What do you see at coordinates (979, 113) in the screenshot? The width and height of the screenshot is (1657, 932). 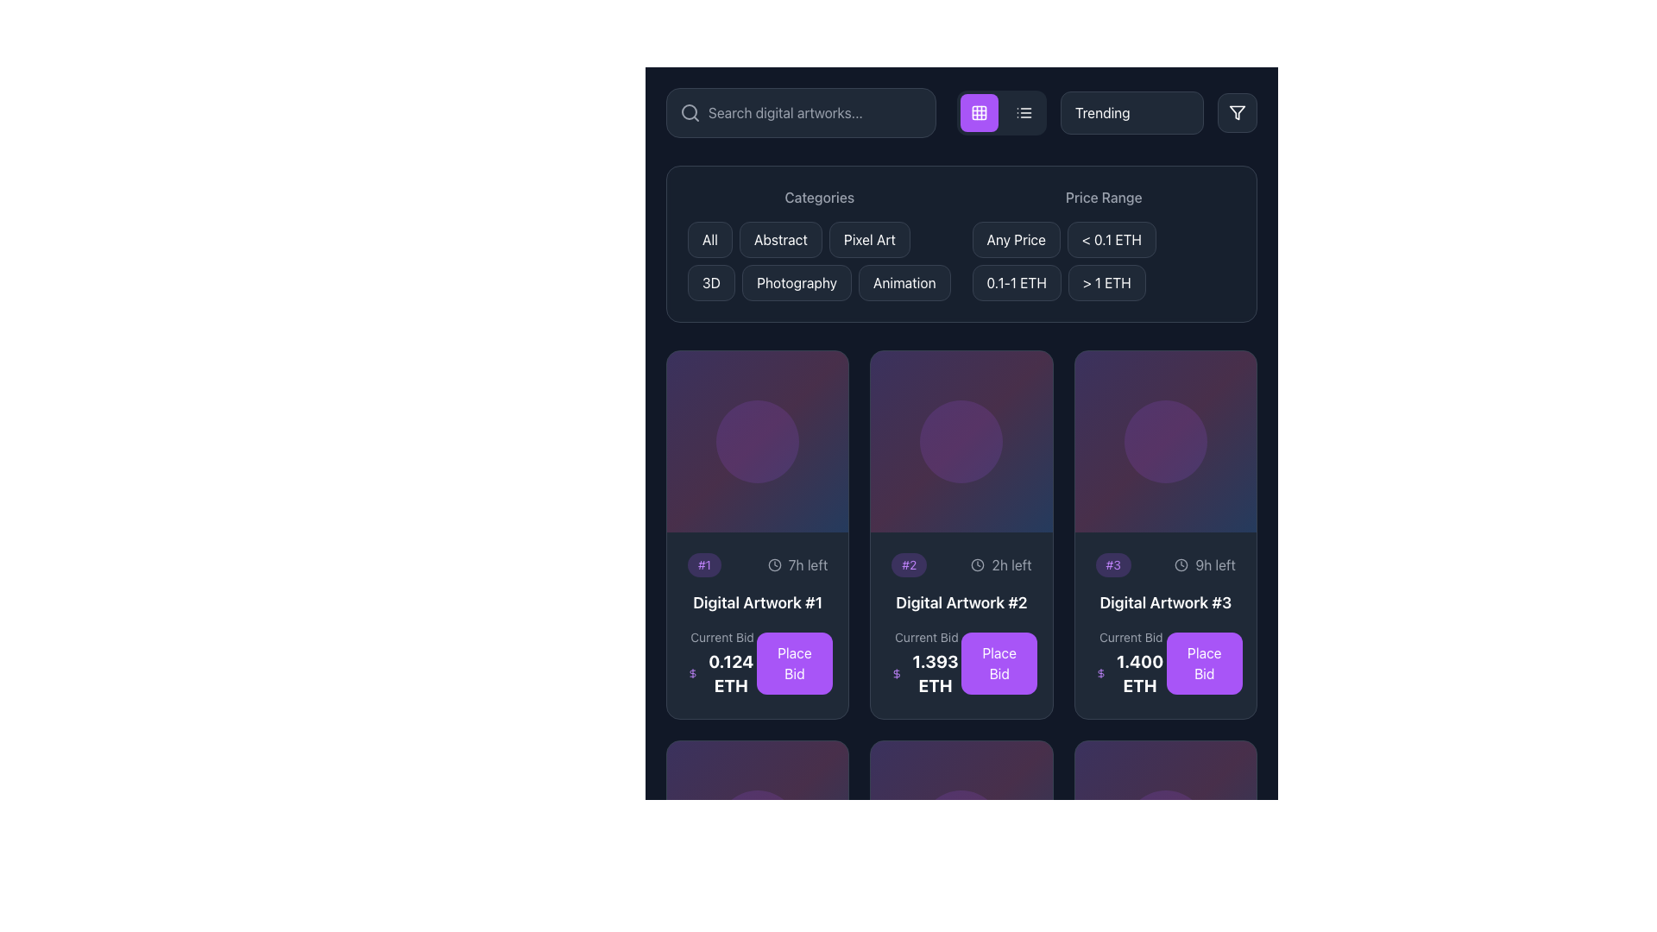 I see `the grid icon button with a purple background located at the top center of the interface, positioned between the search bar and the filter icon, to change the layout` at bounding box center [979, 113].